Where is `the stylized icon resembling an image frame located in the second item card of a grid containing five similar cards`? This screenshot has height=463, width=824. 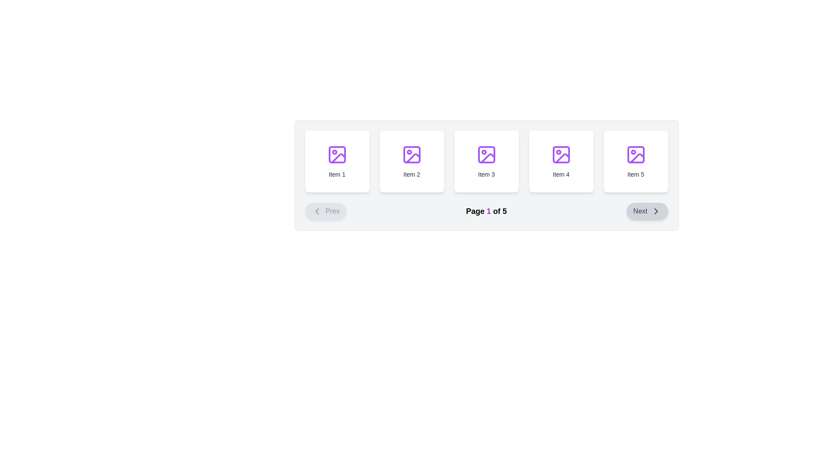
the stylized icon resembling an image frame located in the second item card of a grid containing five similar cards is located at coordinates (411, 155).